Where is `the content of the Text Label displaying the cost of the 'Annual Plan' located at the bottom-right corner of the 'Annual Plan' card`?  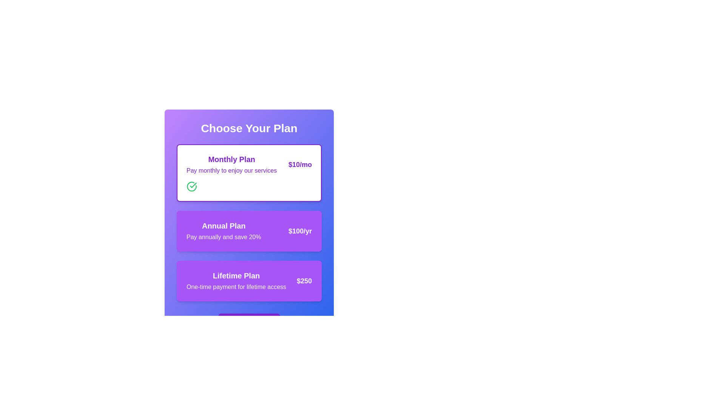 the content of the Text Label displaying the cost of the 'Annual Plan' located at the bottom-right corner of the 'Annual Plan' card is located at coordinates (299, 231).